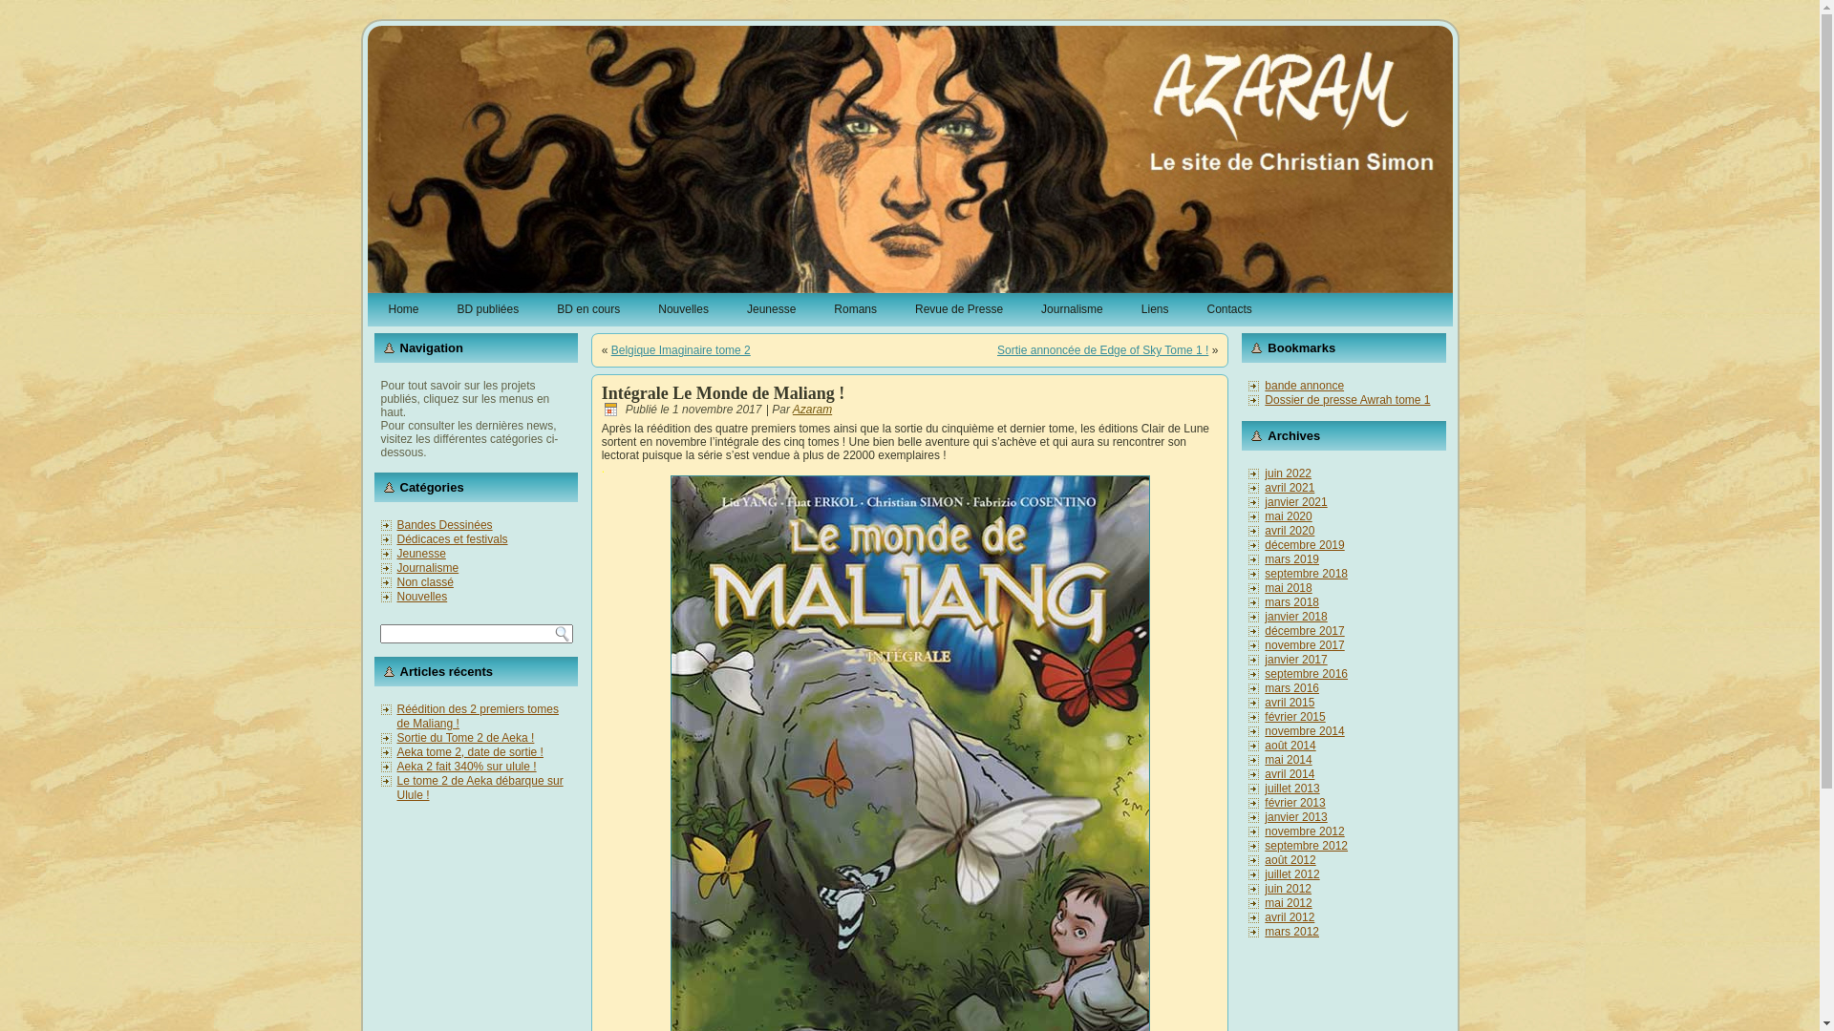 The image size is (1834, 1031). I want to click on 'mars 2018', so click(1291, 602).